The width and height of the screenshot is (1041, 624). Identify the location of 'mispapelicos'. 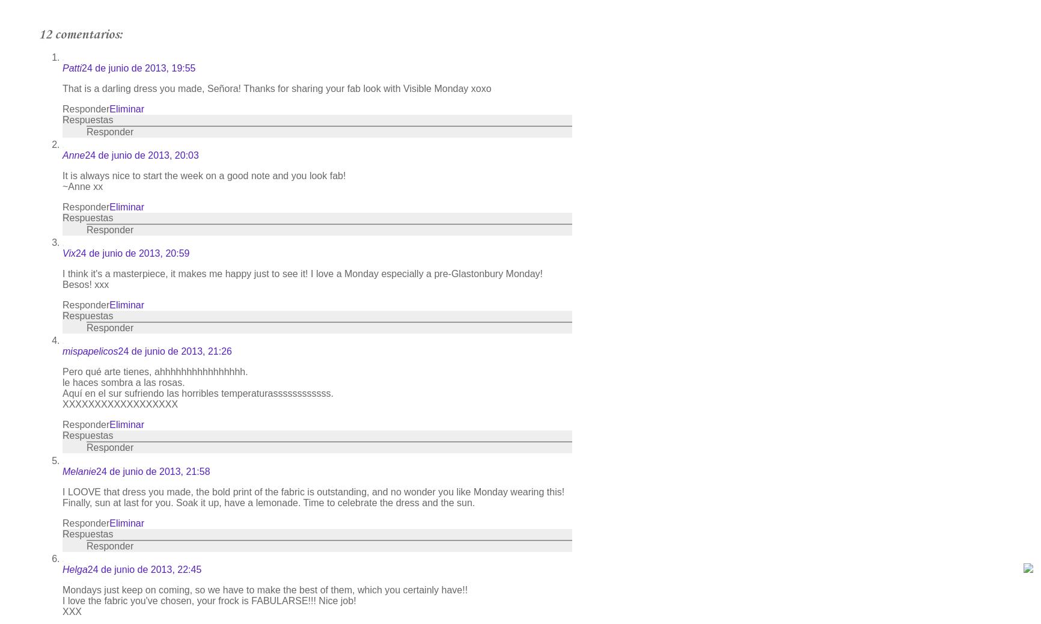
(90, 350).